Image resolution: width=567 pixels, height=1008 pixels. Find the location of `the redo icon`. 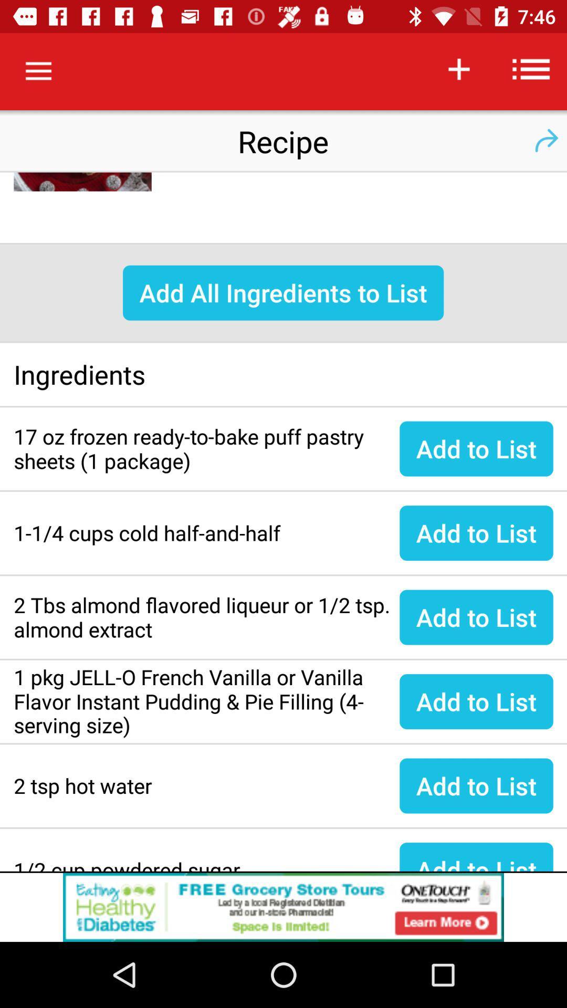

the redo icon is located at coordinates (545, 140).